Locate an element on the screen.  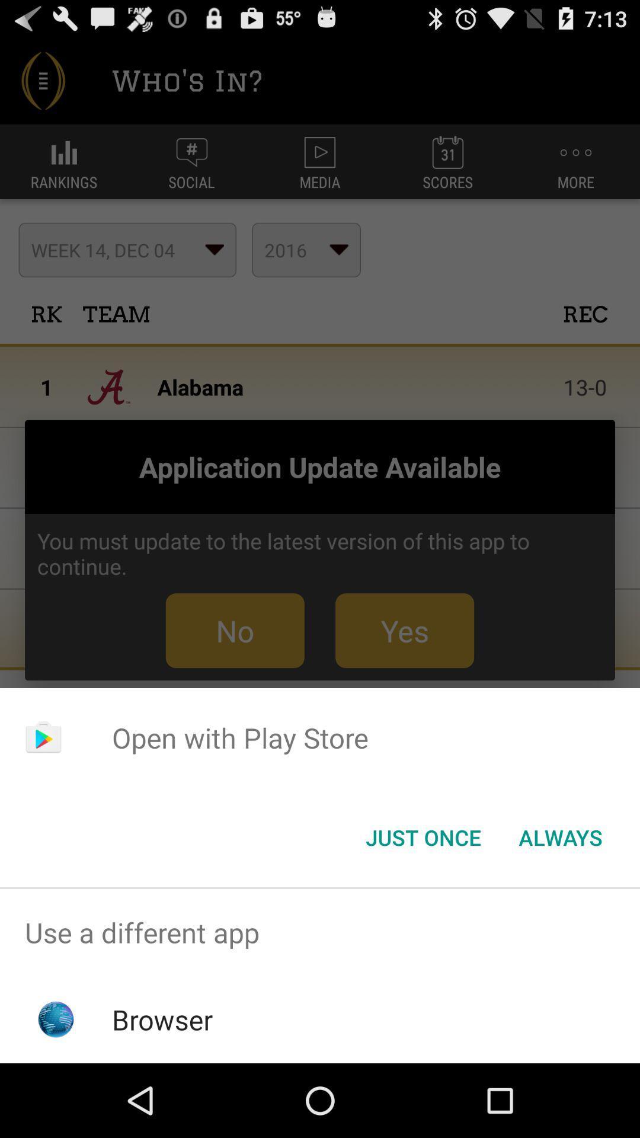
use a different is located at coordinates (320, 932).